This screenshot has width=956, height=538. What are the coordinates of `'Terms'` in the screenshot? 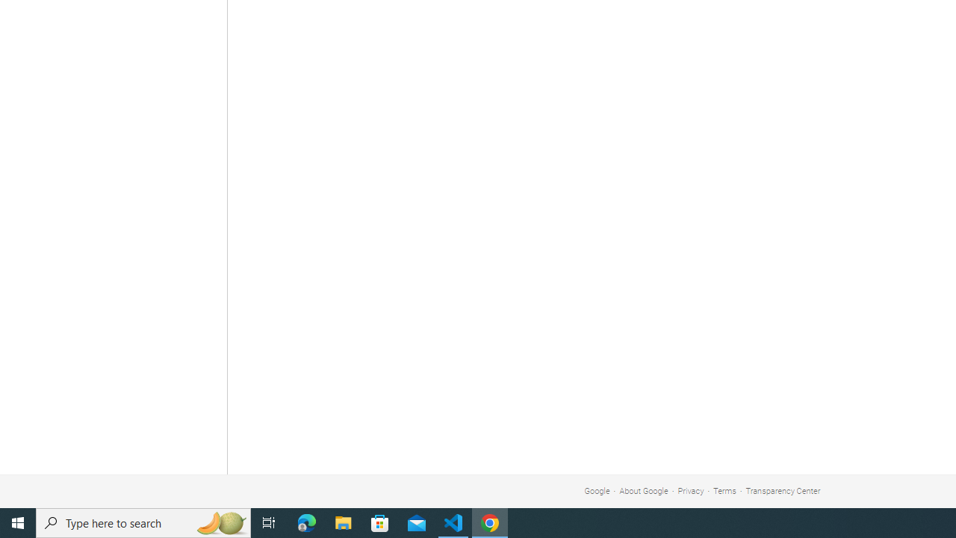 It's located at (724, 491).